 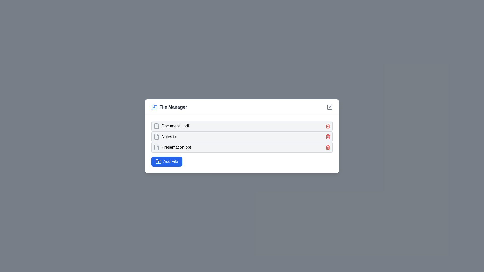 What do you see at coordinates (154, 107) in the screenshot?
I see `the folder-shaped icon with a blue outline located in the upper-left corner of the file manager interface, adjacent to the 'File Manager' header text` at bounding box center [154, 107].